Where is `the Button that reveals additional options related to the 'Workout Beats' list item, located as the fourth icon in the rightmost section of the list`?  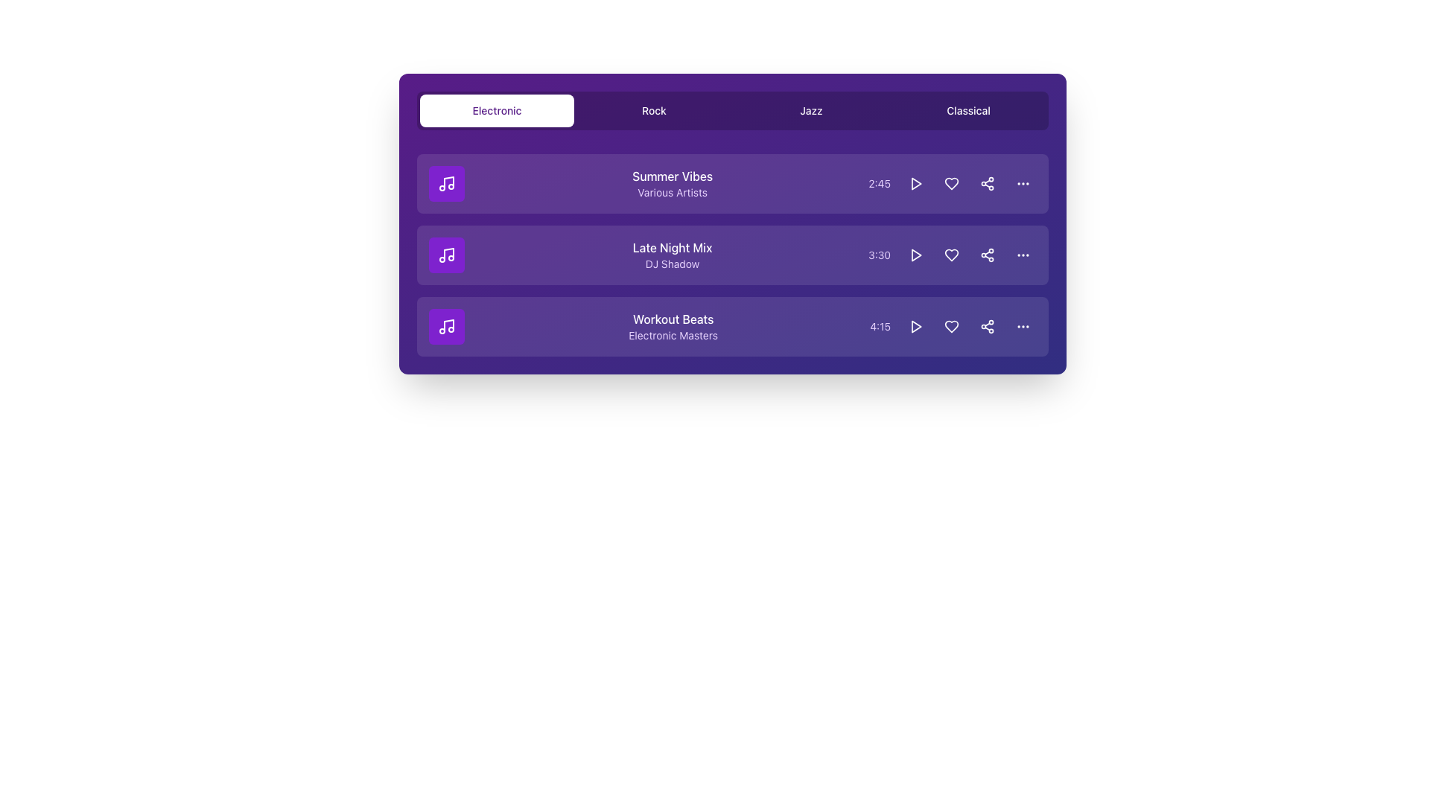
the Button that reveals additional options related to the 'Workout Beats' list item, located as the fourth icon in the rightmost section of the list is located at coordinates (1022, 182).